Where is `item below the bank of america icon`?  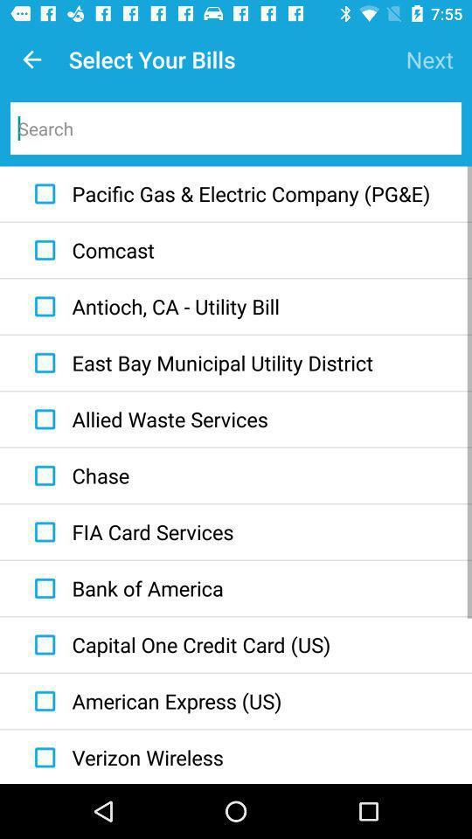
item below the bank of america icon is located at coordinates (177, 643).